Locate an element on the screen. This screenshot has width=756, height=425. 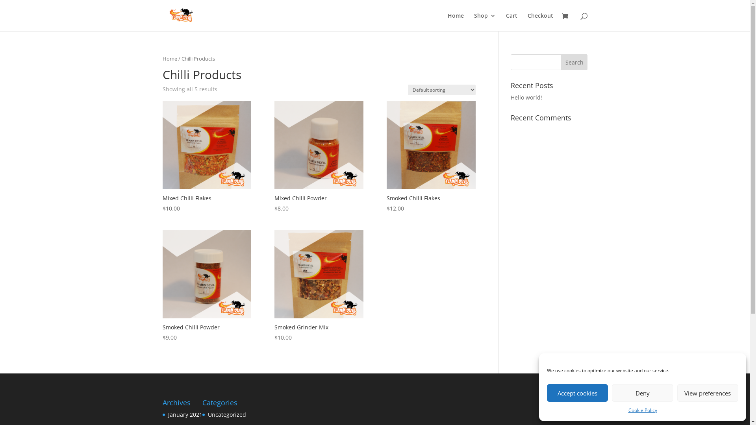
'Uncategorized' is located at coordinates (226, 414).